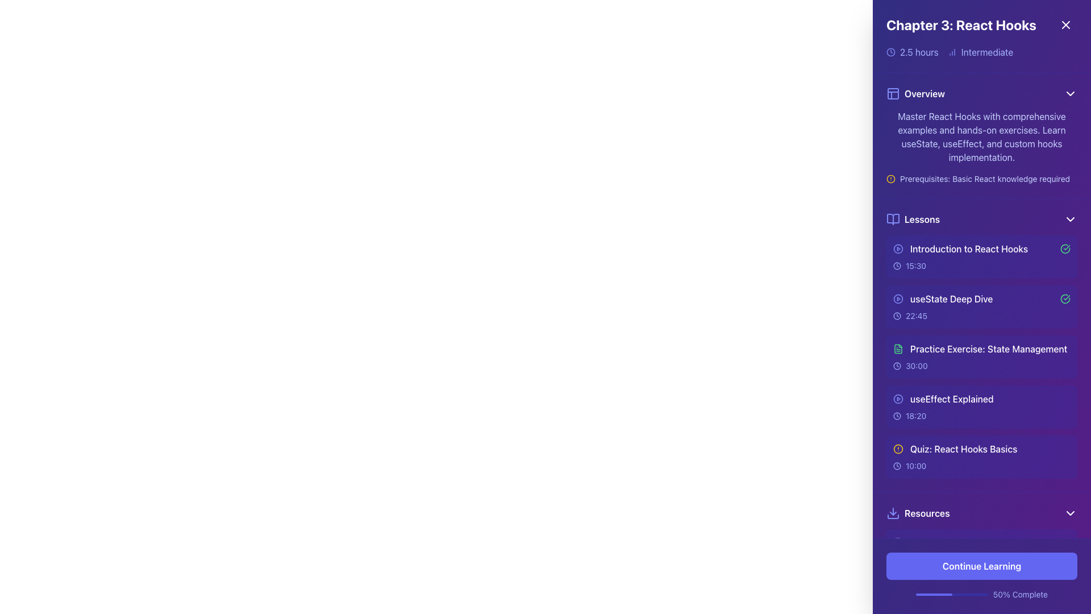  What do you see at coordinates (897, 265) in the screenshot?
I see `the SVG circle graphical element that symbolizes the time duration of the 'Introduction to React Hooks' lesson in the 'Lessons' section` at bounding box center [897, 265].